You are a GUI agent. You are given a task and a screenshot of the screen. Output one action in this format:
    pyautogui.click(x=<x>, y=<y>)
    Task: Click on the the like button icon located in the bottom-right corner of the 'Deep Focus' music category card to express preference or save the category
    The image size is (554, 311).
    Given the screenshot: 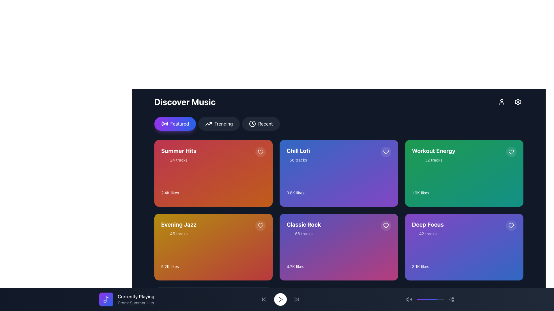 What is the action you would take?
    pyautogui.click(x=511, y=225)
    